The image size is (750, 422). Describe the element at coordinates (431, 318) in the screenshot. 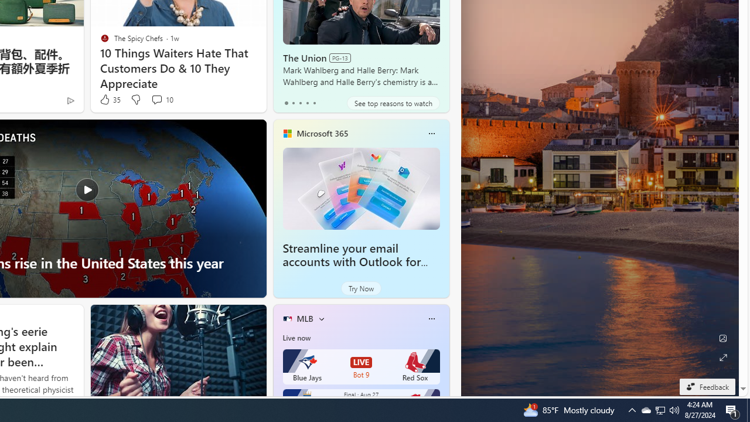

I see `'Class: icon-img'` at that location.